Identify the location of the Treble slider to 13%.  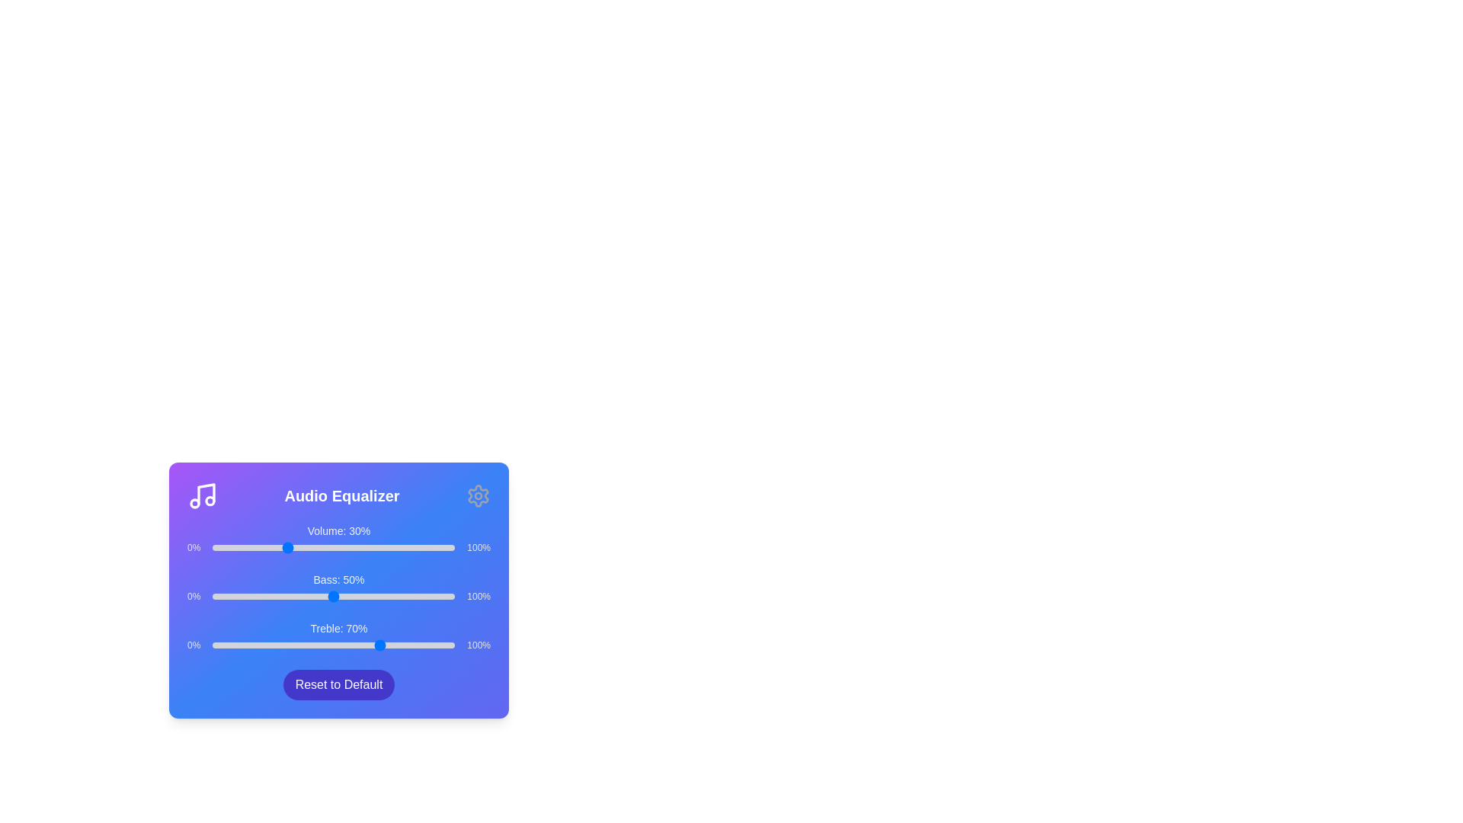
(244, 645).